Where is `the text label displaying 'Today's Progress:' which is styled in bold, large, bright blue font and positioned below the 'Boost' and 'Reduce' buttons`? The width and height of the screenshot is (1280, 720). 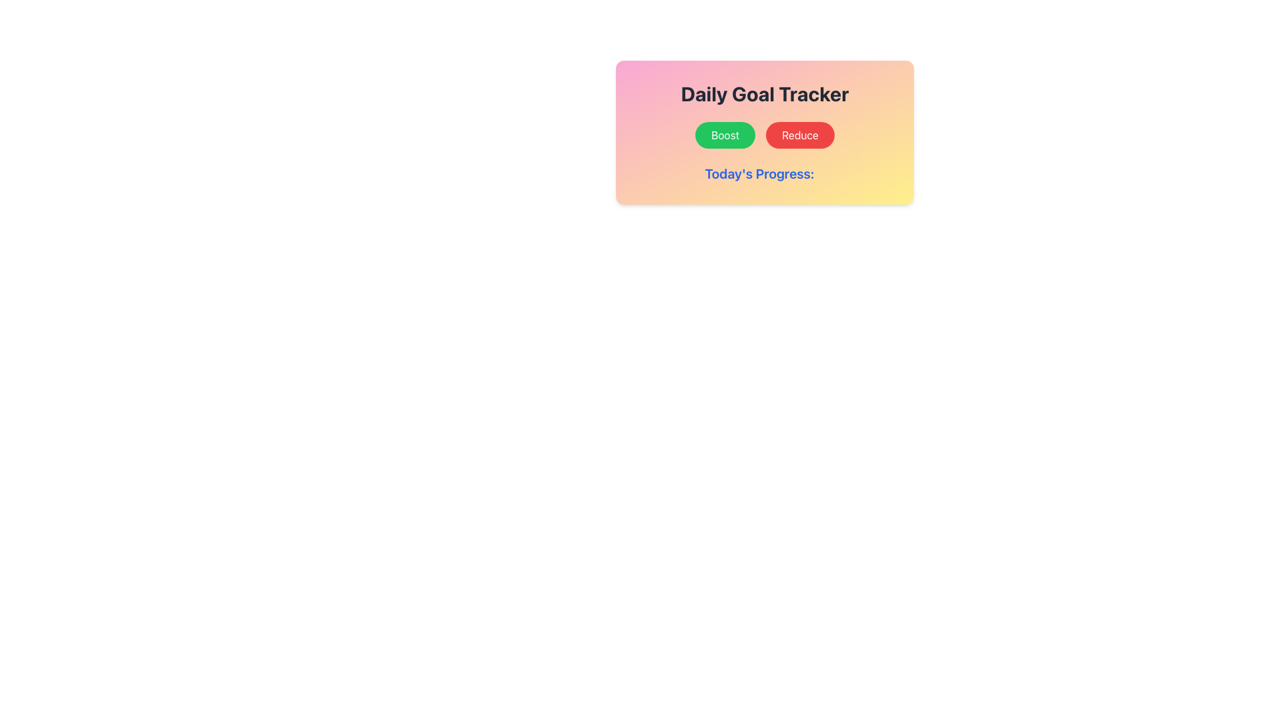 the text label displaying 'Today's Progress:' which is styled in bold, large, bright blue font and positioned below the 'Boost' and 'Reduce' buttons is located at coordinates (759, 173).